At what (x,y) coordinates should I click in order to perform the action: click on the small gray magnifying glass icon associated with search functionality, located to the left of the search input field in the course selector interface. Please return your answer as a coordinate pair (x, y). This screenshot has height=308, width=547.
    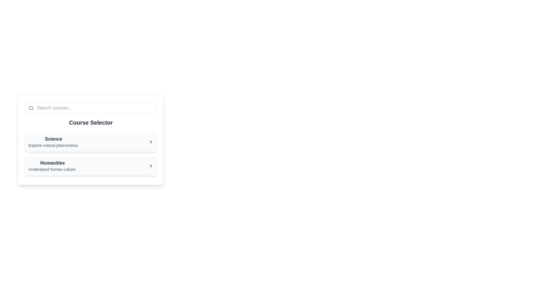
    Looking at the image, I should click on (31, 108).